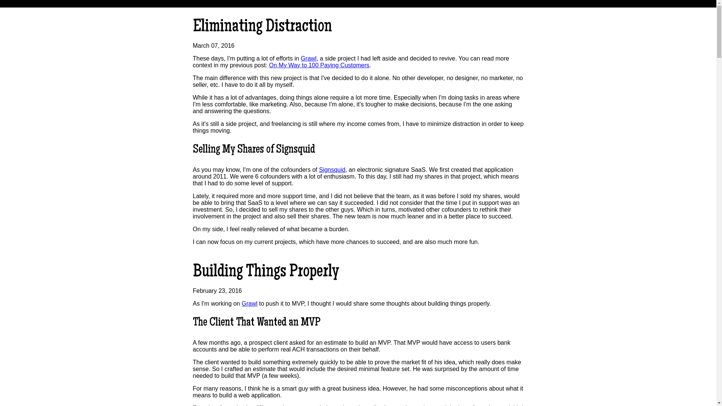  What do you see at coordinates (242, 303) in the screenshot?
I see `'Grawl'` at bounding box center [242, 303].